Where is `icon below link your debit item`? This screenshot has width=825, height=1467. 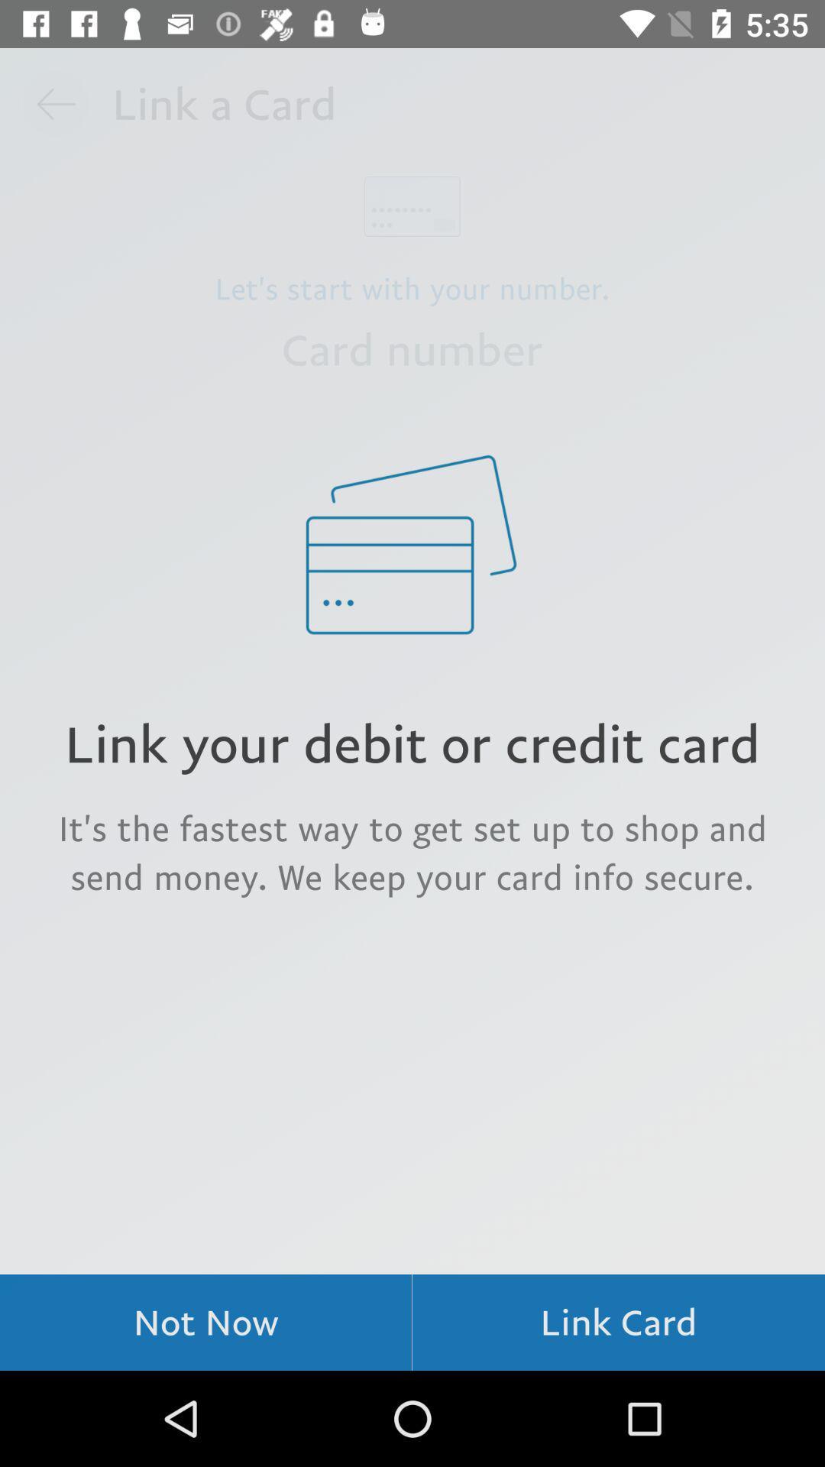 icon below link your debit item is located at coordinates (412, 851).